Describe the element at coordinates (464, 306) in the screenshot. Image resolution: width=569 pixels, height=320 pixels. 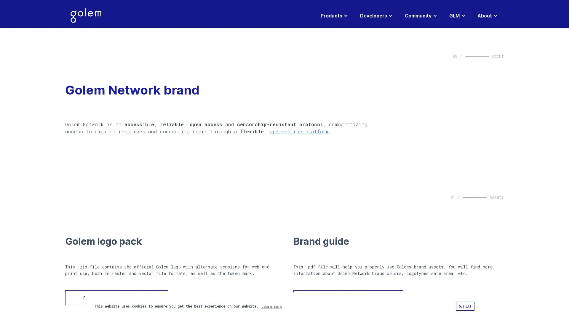
I see `dismiss cookie message` at that location.